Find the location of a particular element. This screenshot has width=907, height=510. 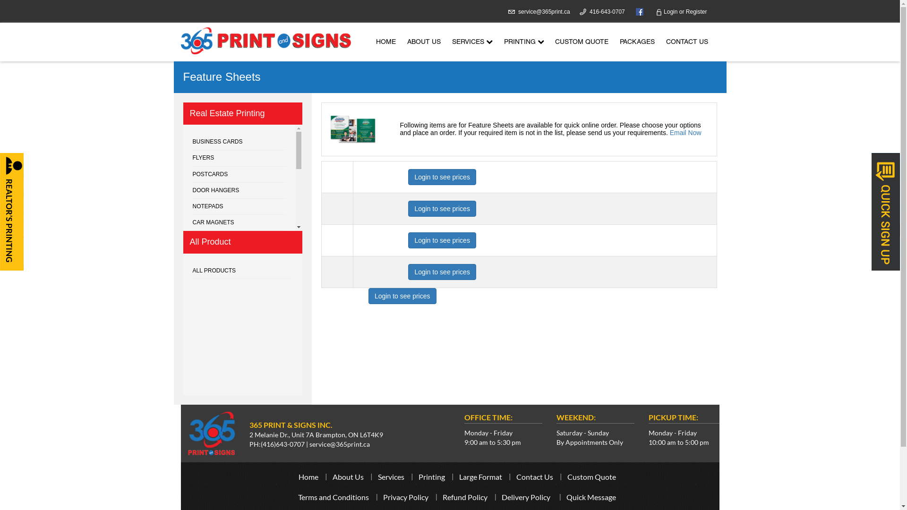

'Services' is located at coordinates (391, 476).